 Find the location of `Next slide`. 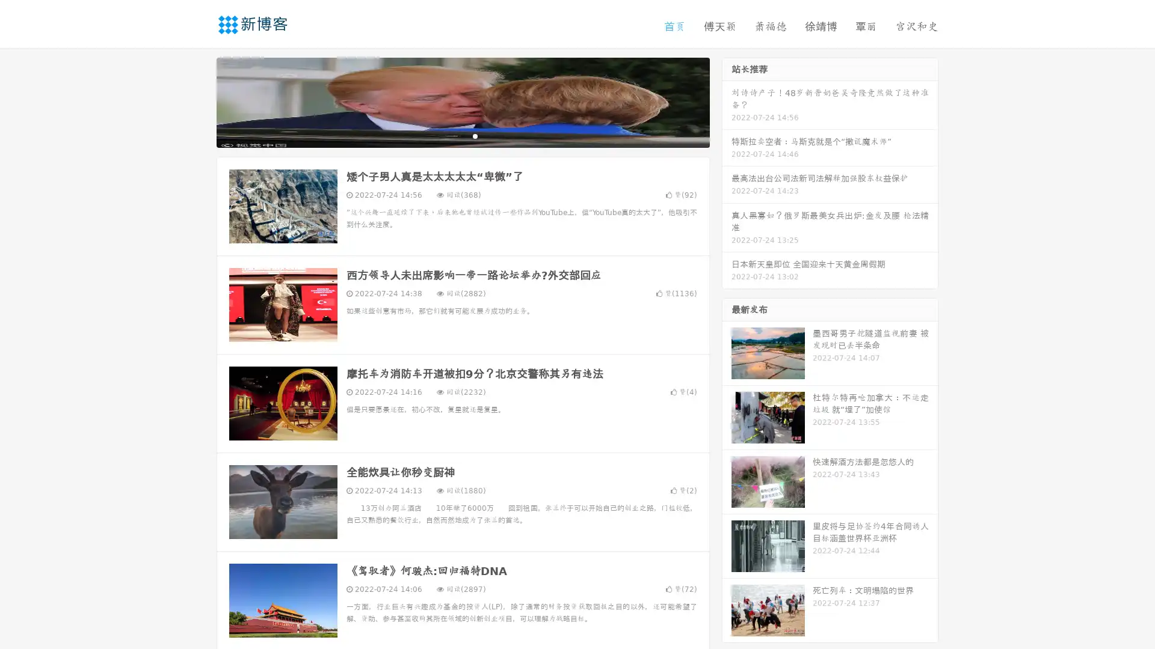

Next slide is located at coordinates (727, 101).